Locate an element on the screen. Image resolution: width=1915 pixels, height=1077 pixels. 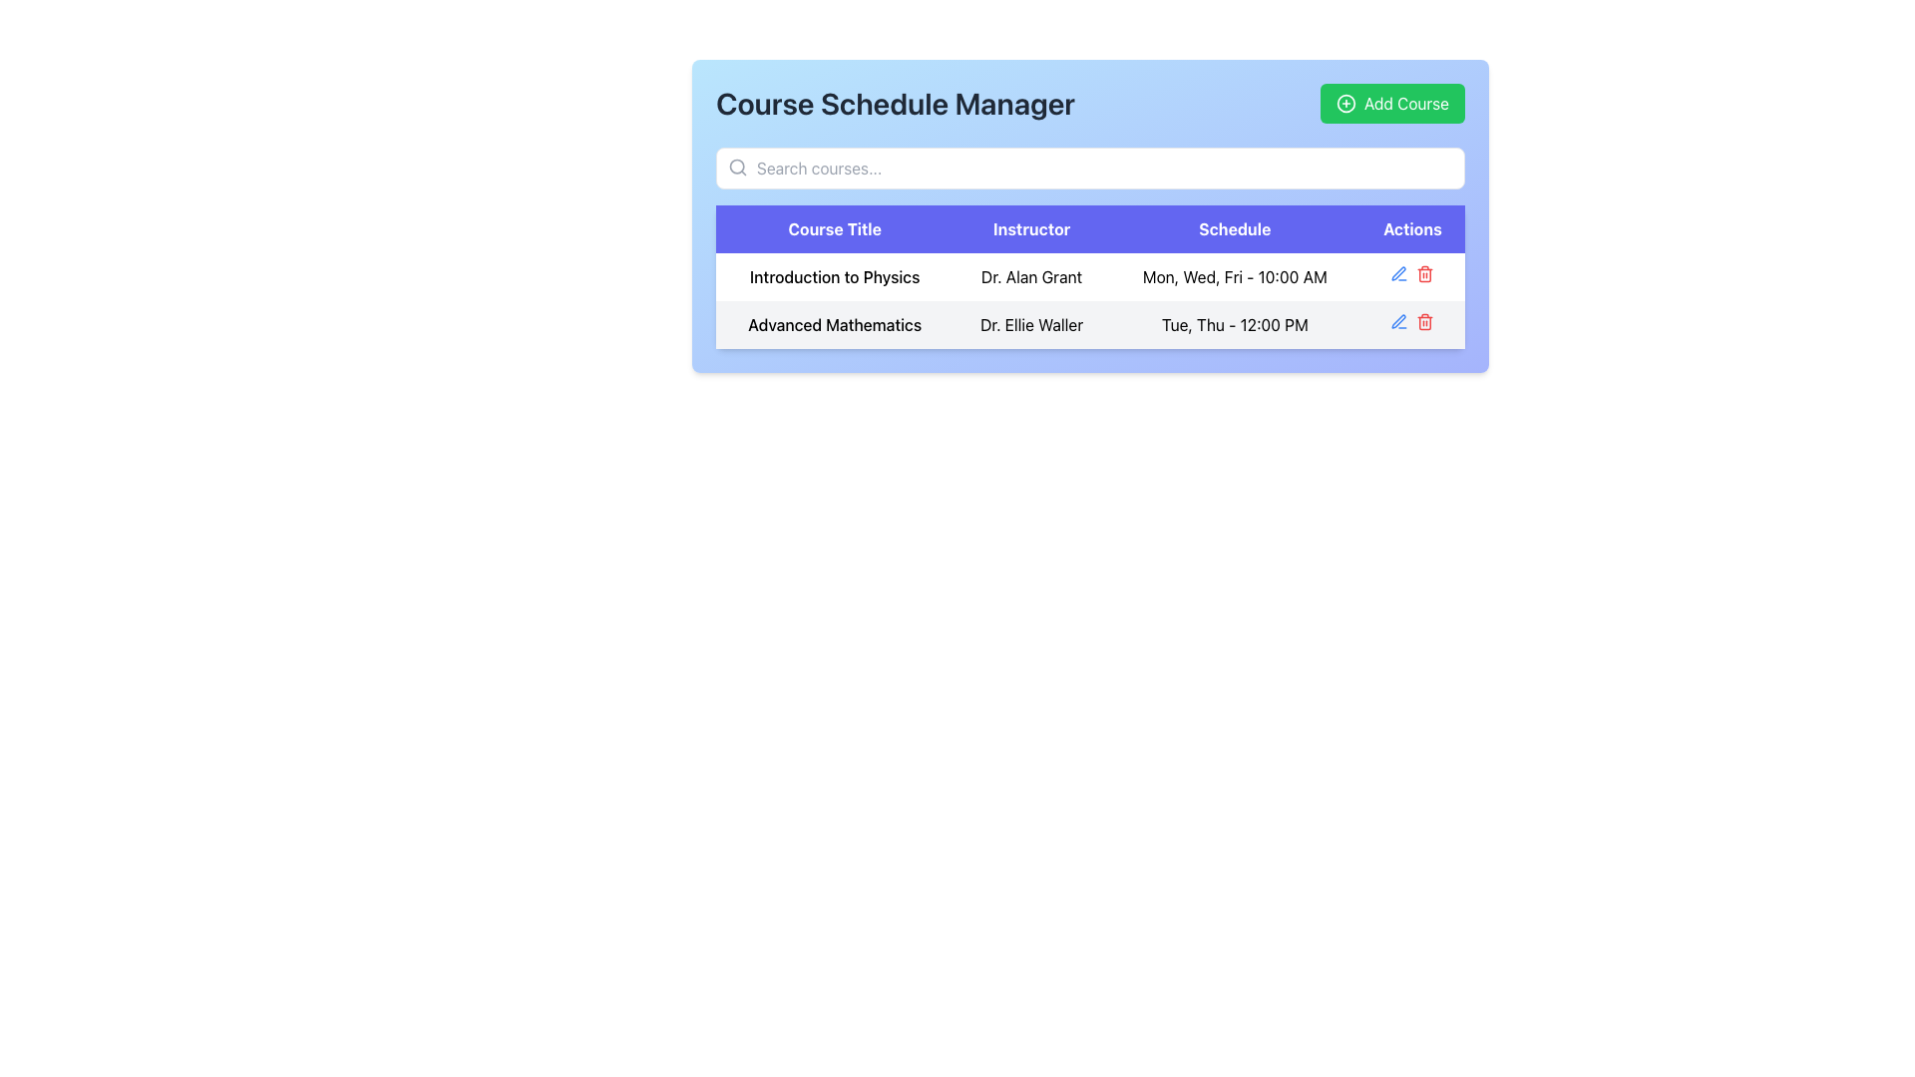
the edit button, which is a pen-shaped icon located in the second row of the table under the 'Actions' column, to initiate course editing is located at coordinates (1398, 273).